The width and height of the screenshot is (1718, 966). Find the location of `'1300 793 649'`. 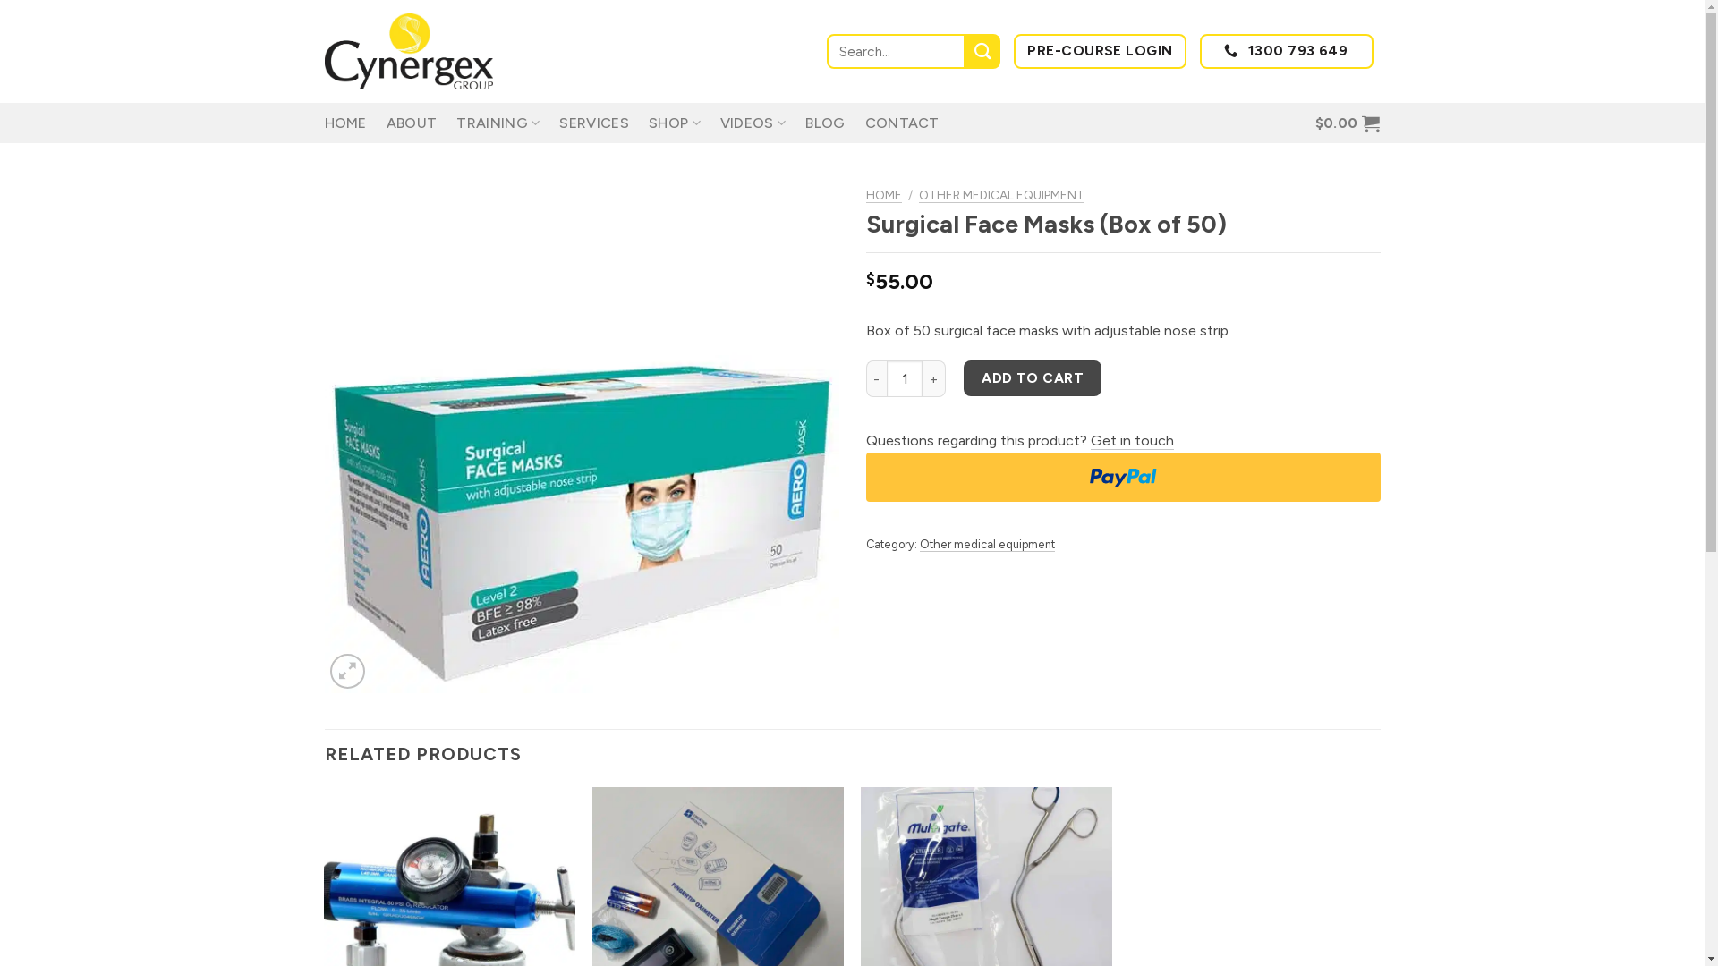

'1300 793 649' is located at coordinates (1286, 50).